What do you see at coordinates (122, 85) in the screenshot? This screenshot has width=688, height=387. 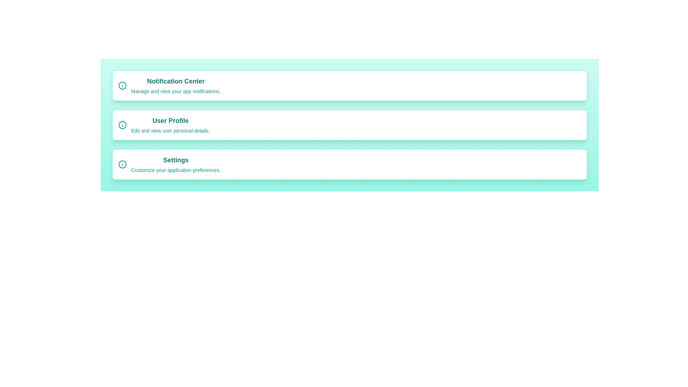 I see `the informational icon located to the left of the 'Notification Center' text in the top card of the list` at bounding box center [122, 85].